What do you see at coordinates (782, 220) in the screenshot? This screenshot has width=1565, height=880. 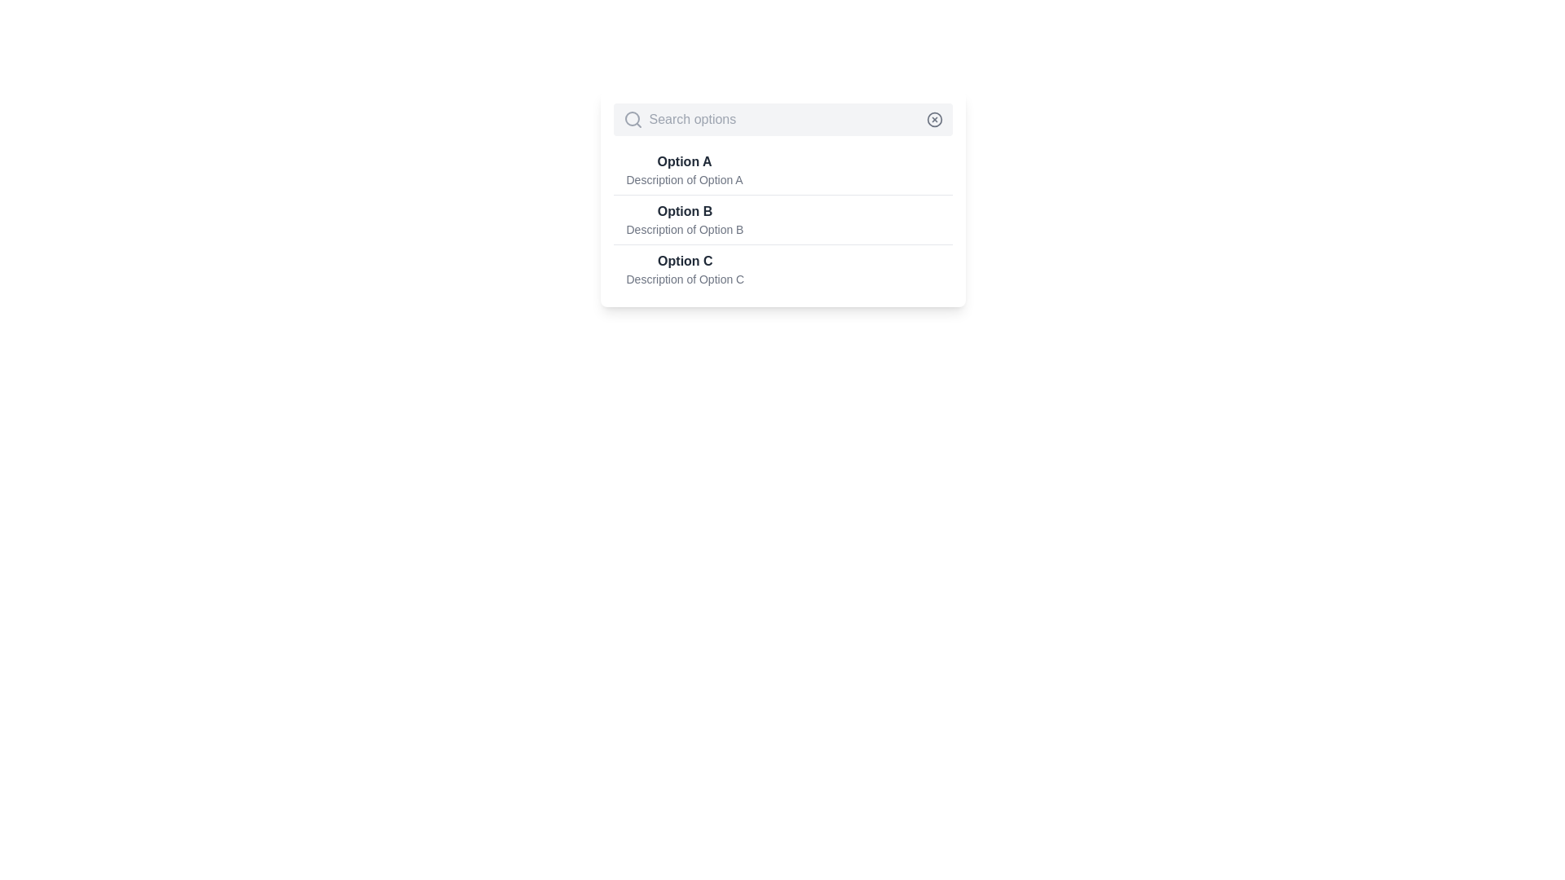 I see `the list item displaying 'Option B'` at bounding box center [782, 220].